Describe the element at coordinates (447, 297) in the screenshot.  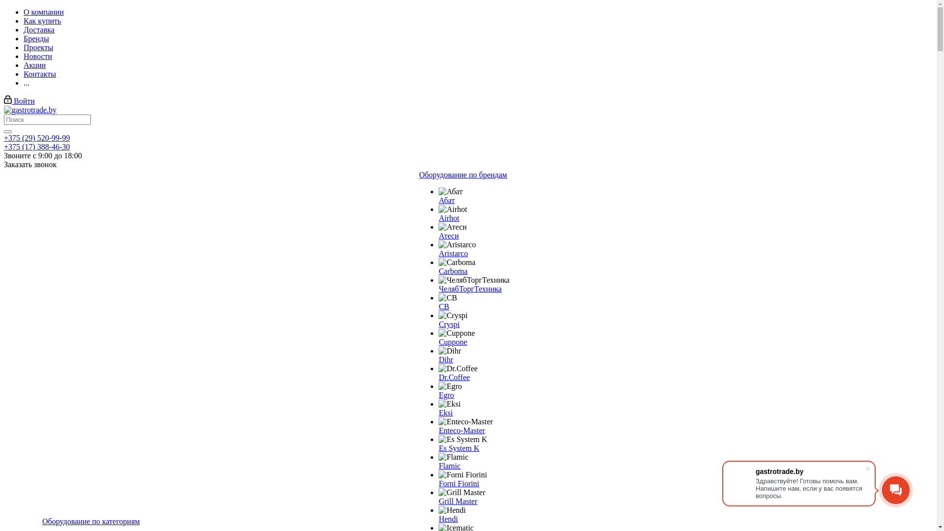
I see `'CB'` at that location.